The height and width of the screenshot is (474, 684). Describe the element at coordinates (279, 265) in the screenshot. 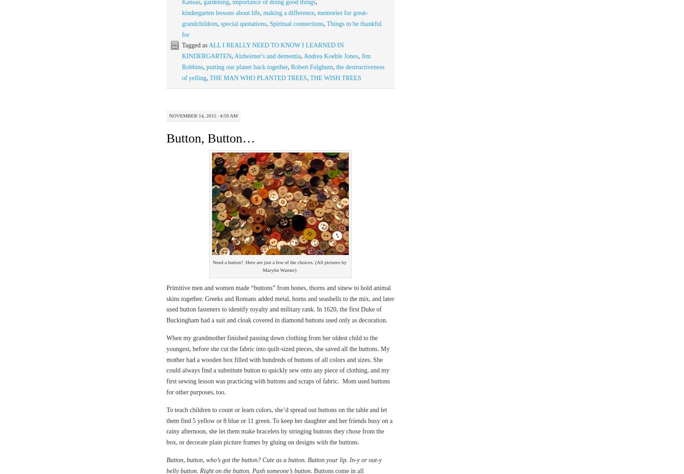

I see `'Need a button?  Here are just a few of the choices. (All pictures by Marylin Warner)'` at that location.